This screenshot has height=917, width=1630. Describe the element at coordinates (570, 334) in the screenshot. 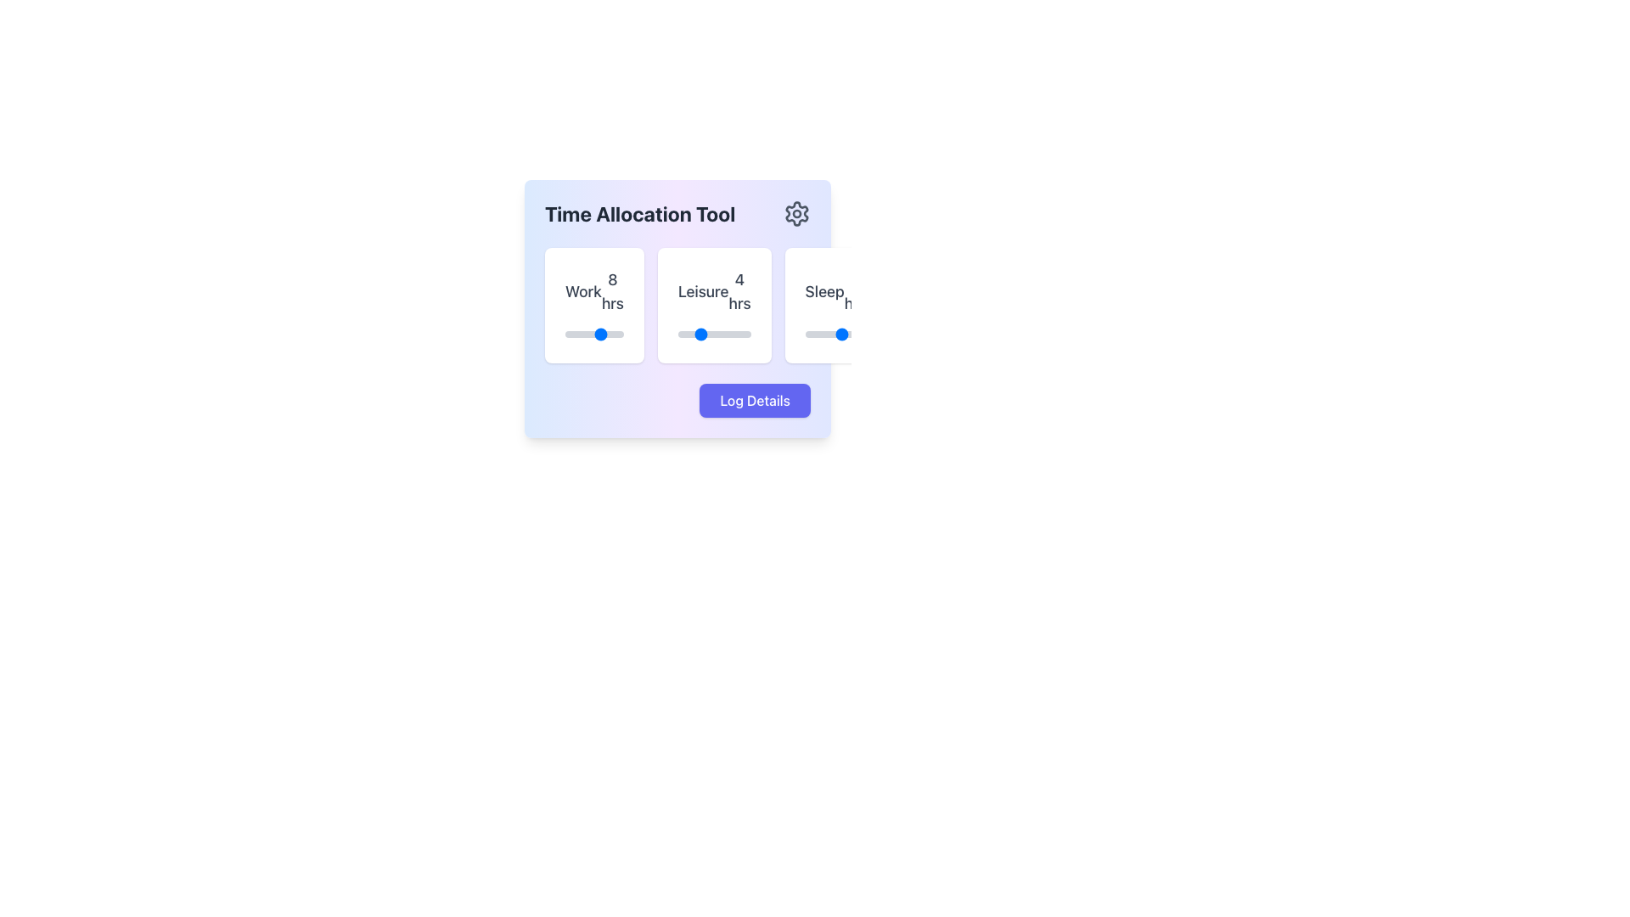

I see `work hours` at that location.